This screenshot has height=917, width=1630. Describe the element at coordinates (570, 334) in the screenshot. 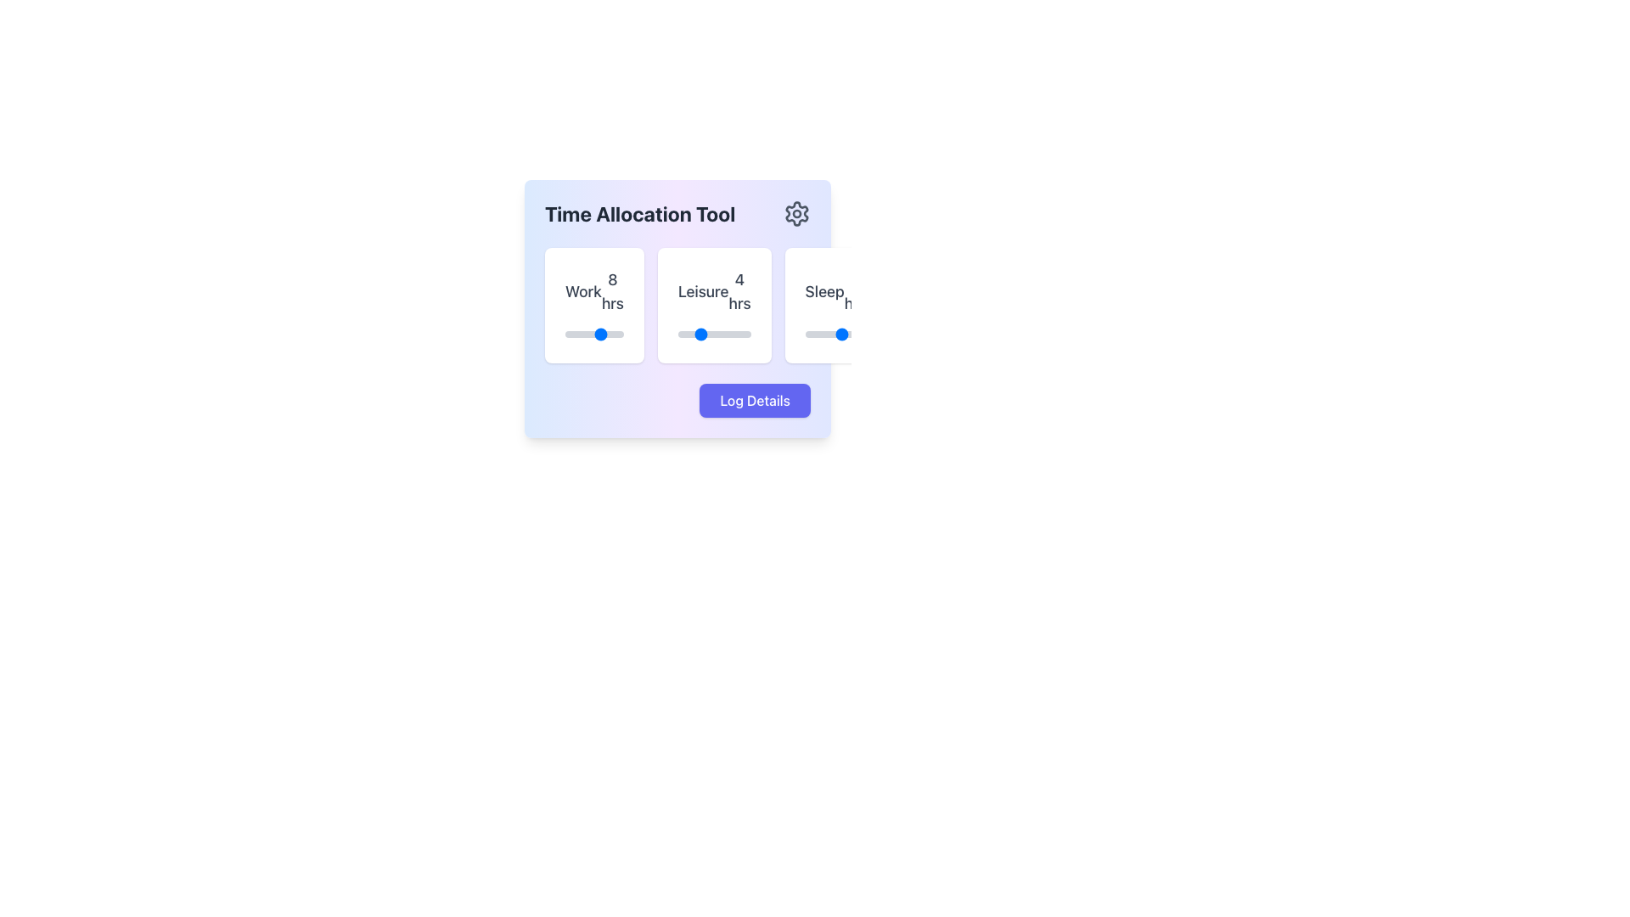

I see `work hours` at that location.